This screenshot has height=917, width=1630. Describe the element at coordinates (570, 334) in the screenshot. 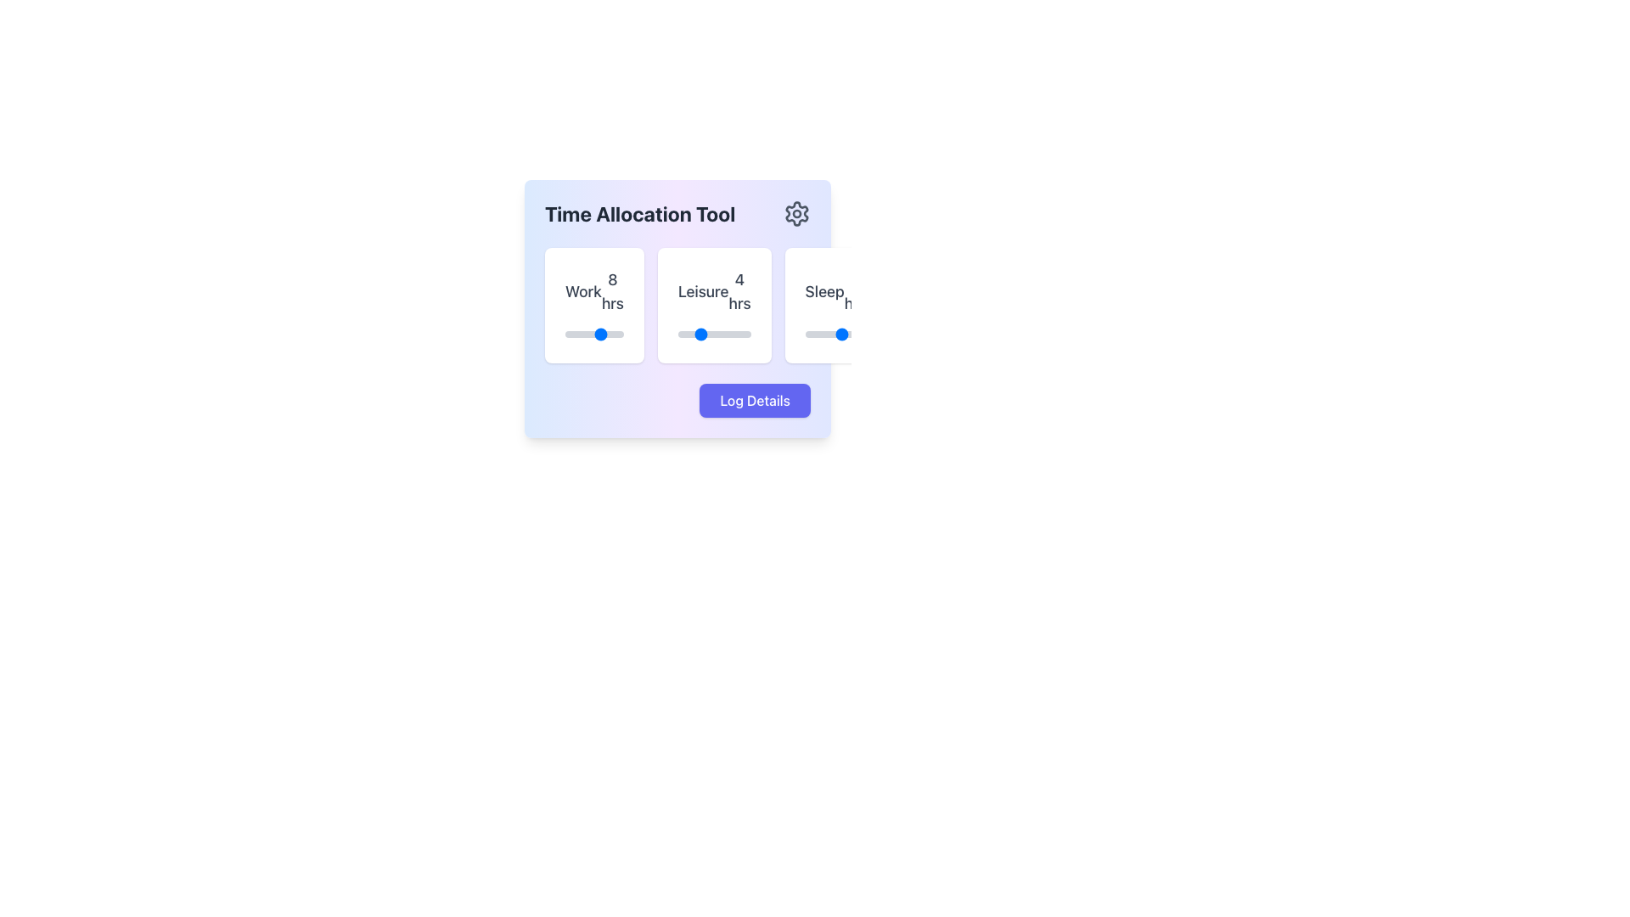

I see `work hours` at that location.